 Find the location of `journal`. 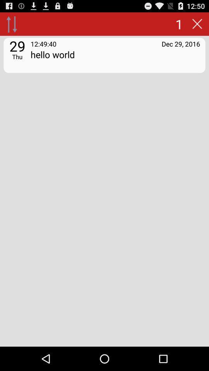

journal is located at coordinates (197, 24).